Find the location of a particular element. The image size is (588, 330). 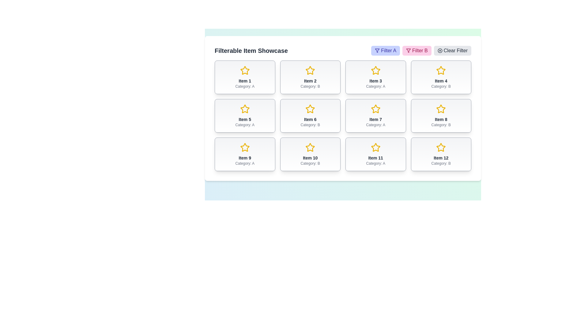

the star-shaped icon with a yellow border located in the second row, first column of the grid under 'Filterable Item Showcase', specifically associated with 'Item 5' is located at coordinates (244, 108).